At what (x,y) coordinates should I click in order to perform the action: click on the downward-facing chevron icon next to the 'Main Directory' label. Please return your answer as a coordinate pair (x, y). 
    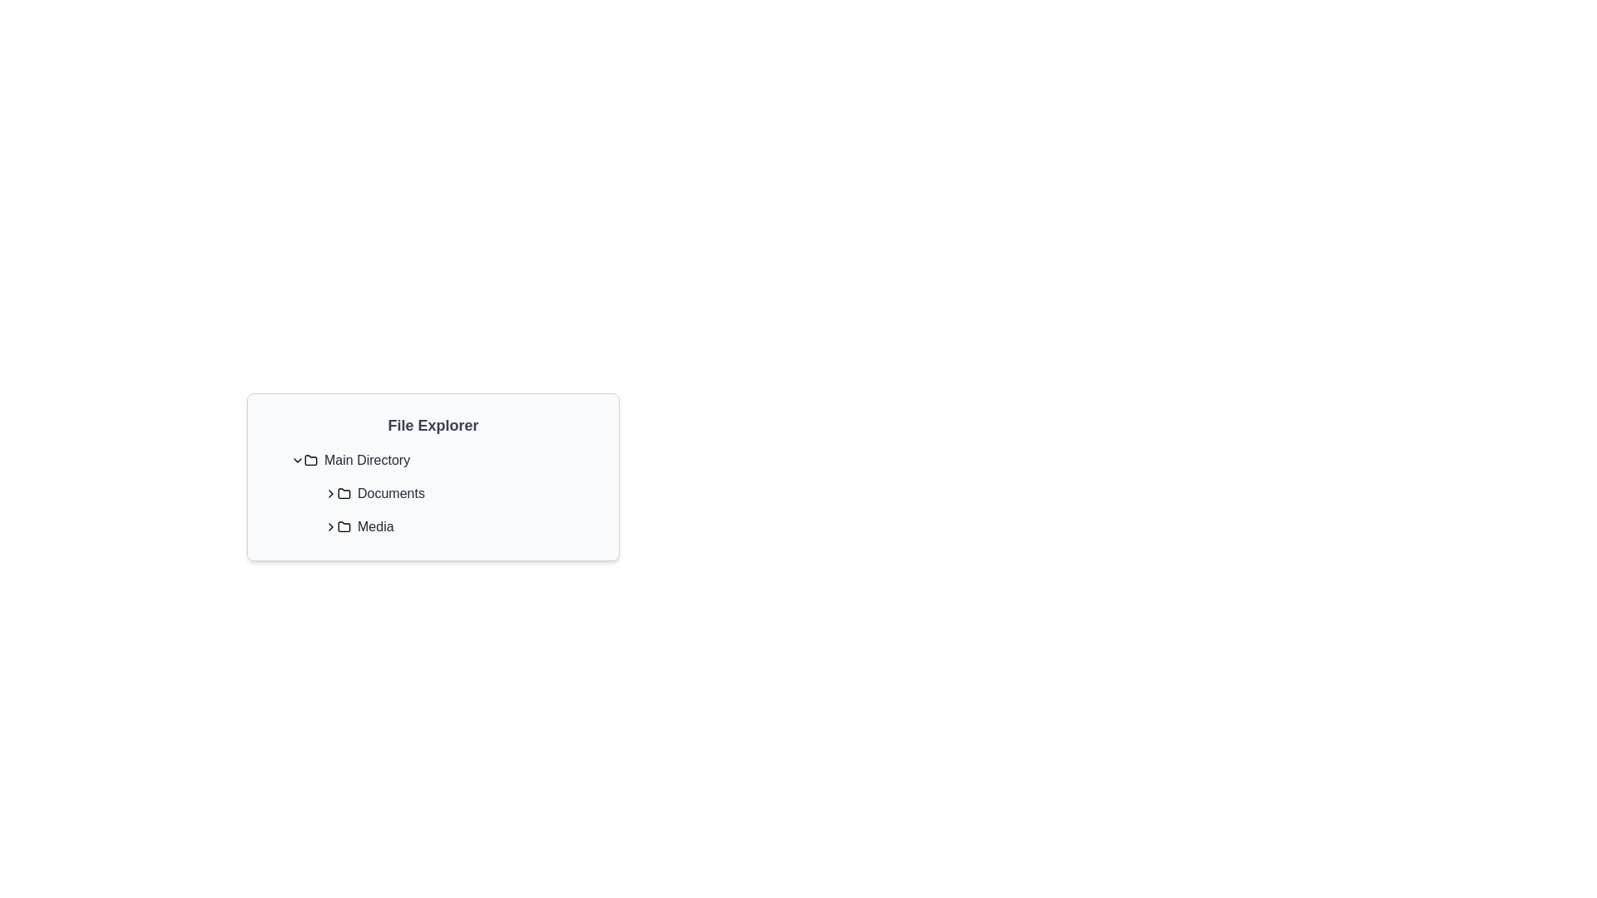
    Looking at the image, I should click on (298, 461).